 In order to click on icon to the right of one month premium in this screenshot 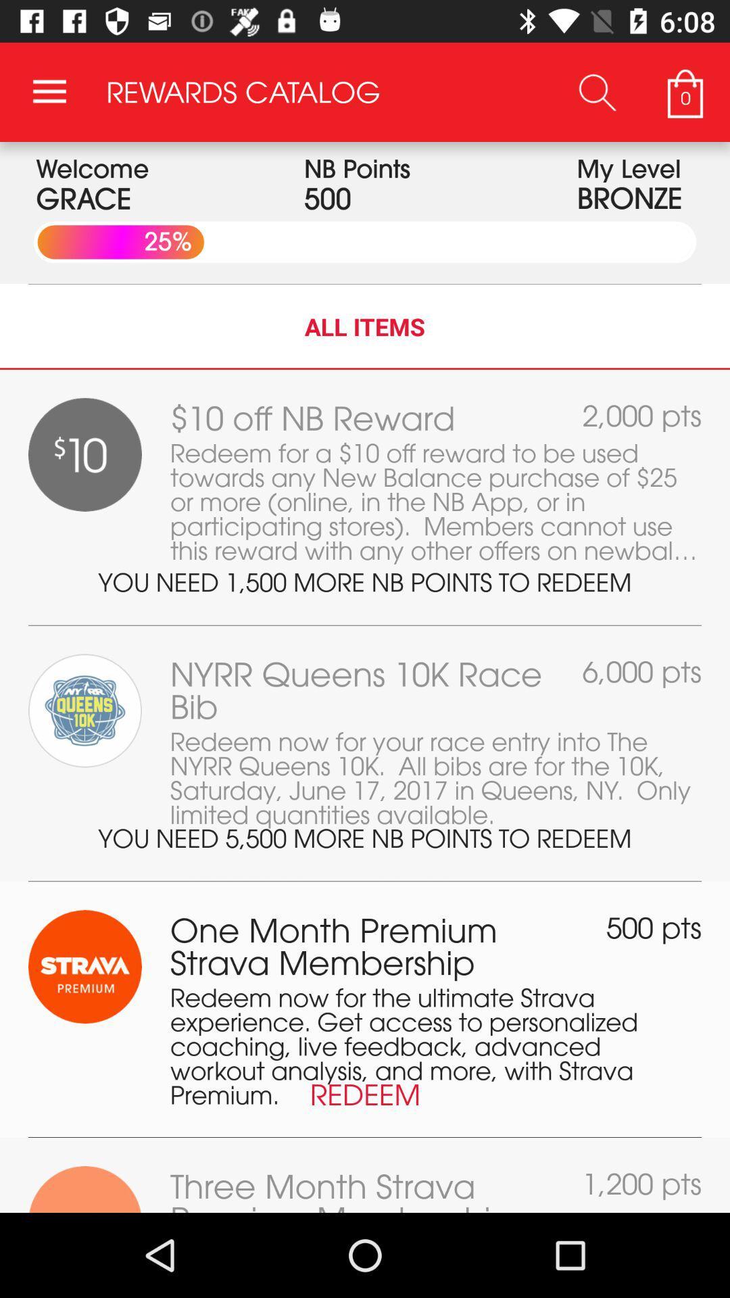, I will do `click(653, 927)`.